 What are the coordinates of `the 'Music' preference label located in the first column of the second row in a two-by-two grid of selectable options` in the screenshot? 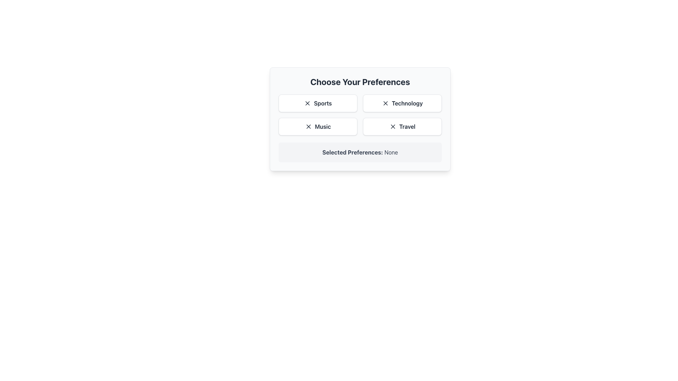 It's located at (322, 126).